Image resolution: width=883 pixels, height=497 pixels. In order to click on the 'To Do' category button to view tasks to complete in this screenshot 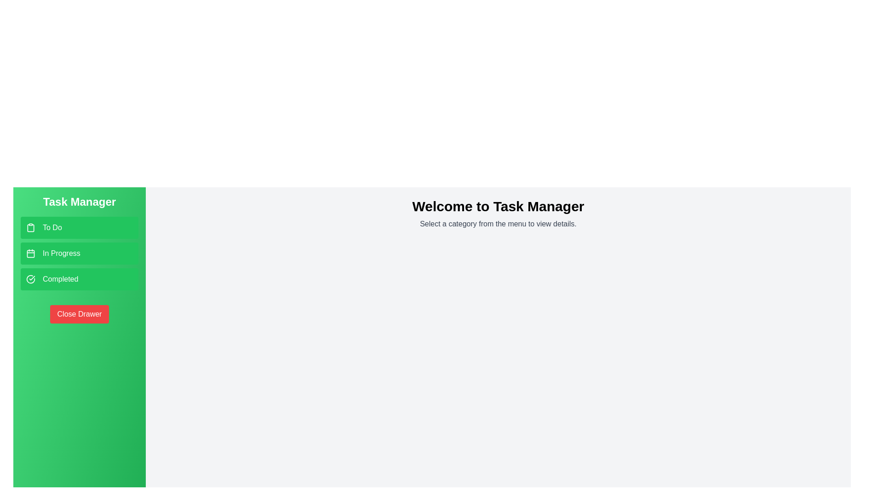, I will do `click(79, 227)`.